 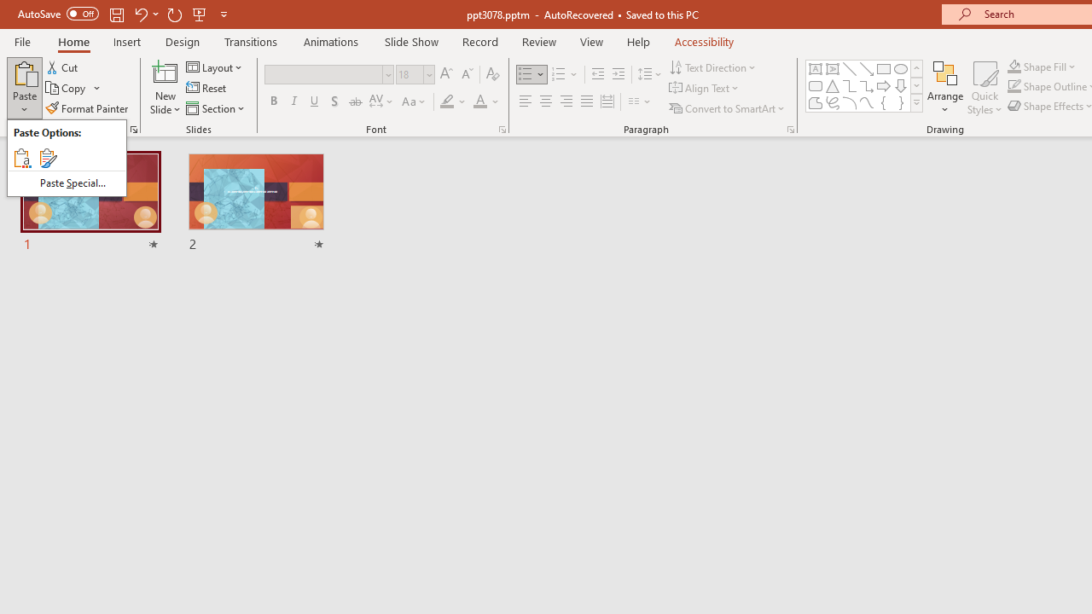 What do you see at coordinates (705, 88) in the screenshot?
I see `'Align Text'` at bounding box center [705, 88].